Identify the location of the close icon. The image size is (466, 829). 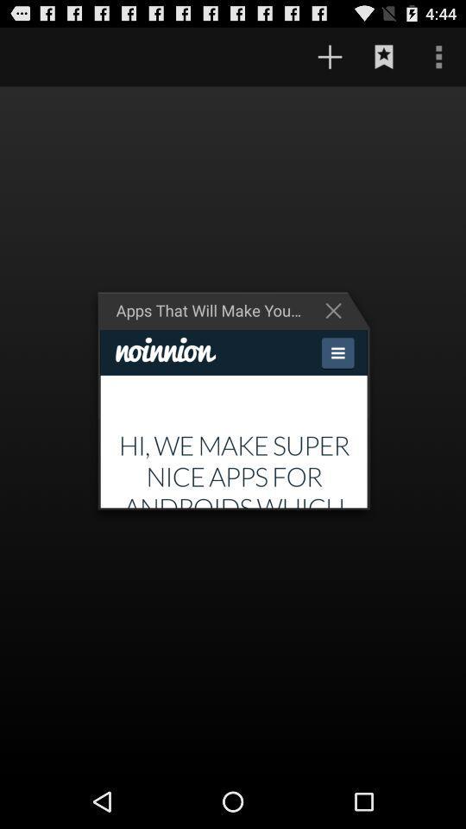
(337, 331).